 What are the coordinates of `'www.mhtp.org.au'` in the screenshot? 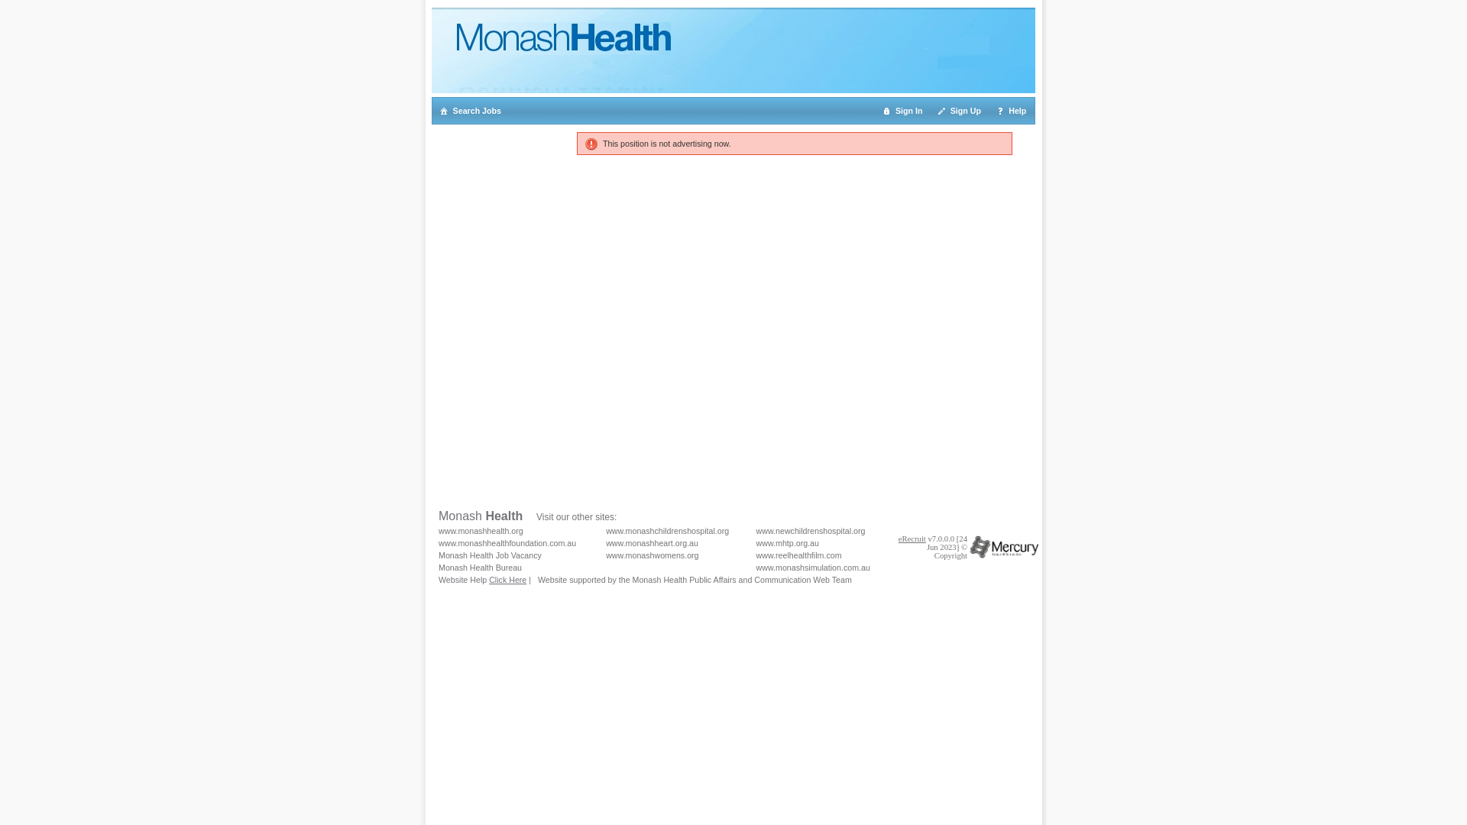 It's located at (756, 542).